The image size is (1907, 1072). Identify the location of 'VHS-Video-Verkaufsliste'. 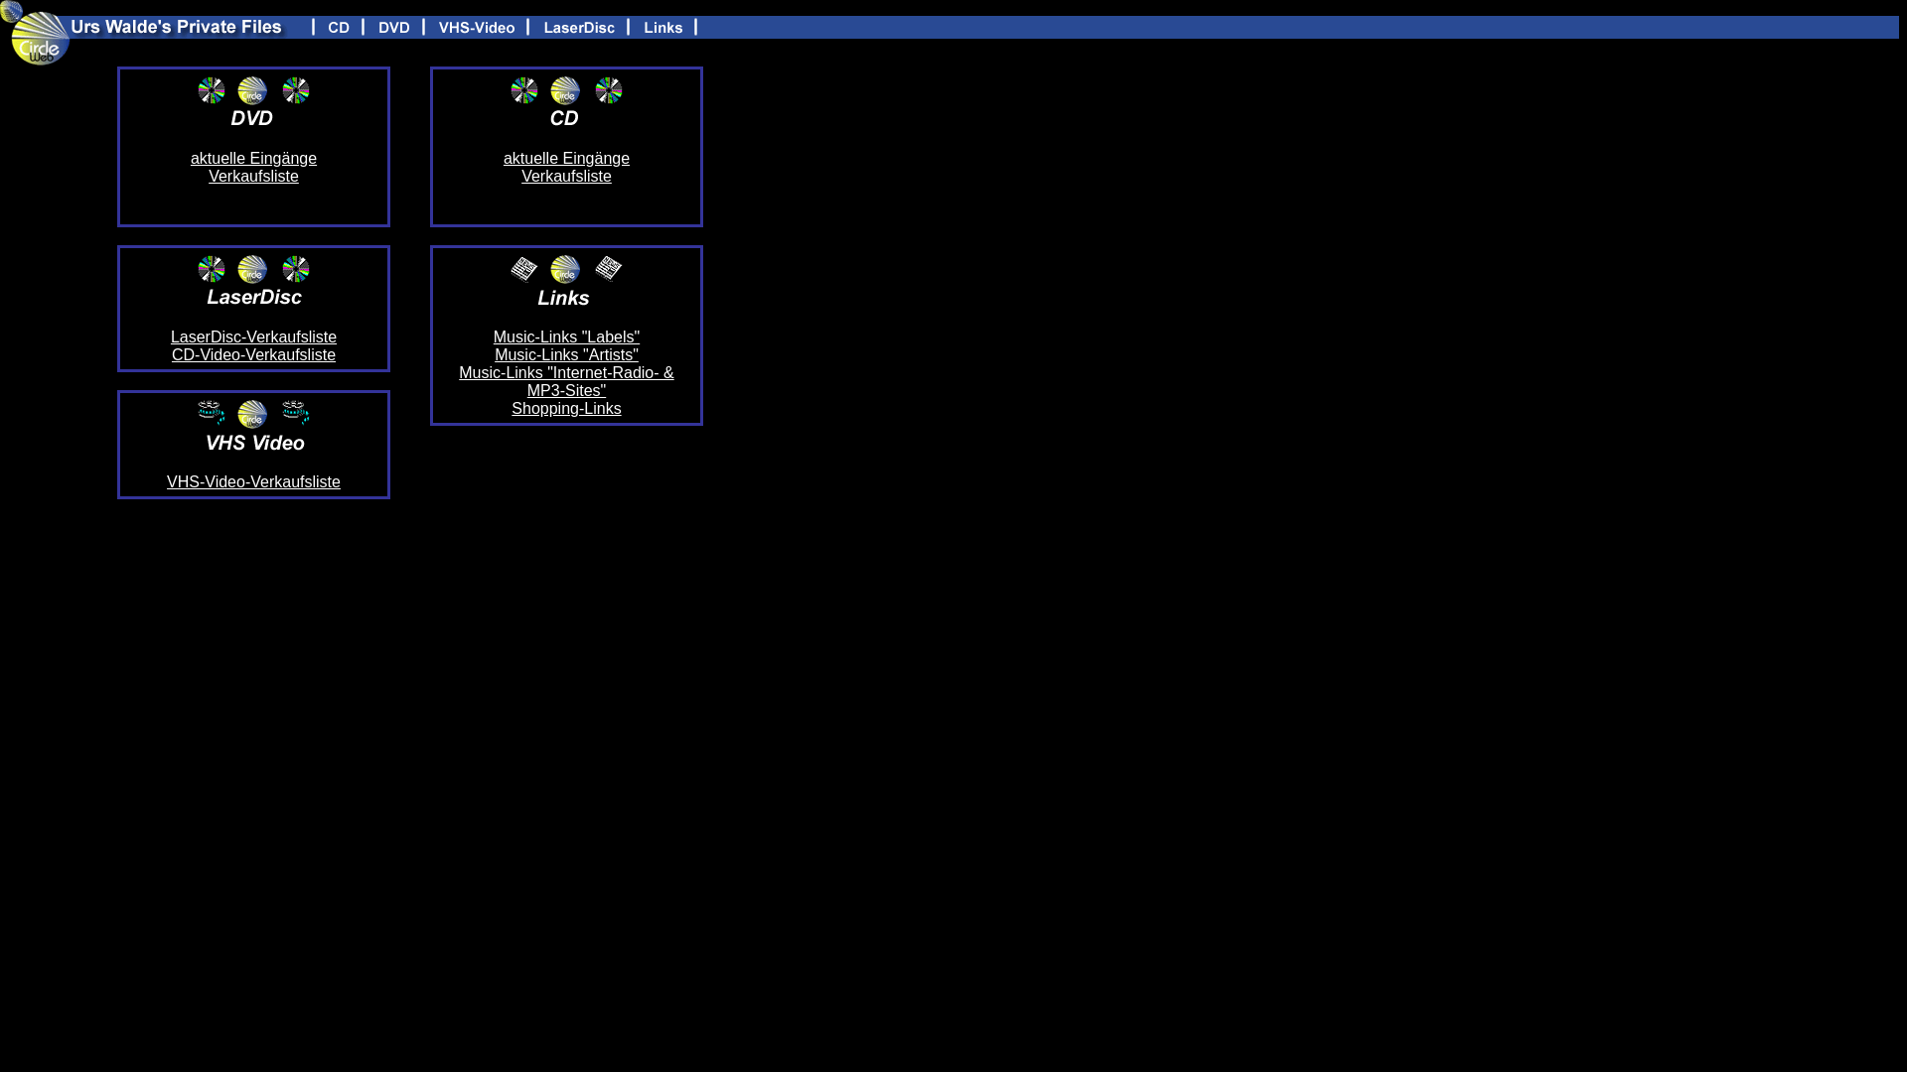
(252, 481).